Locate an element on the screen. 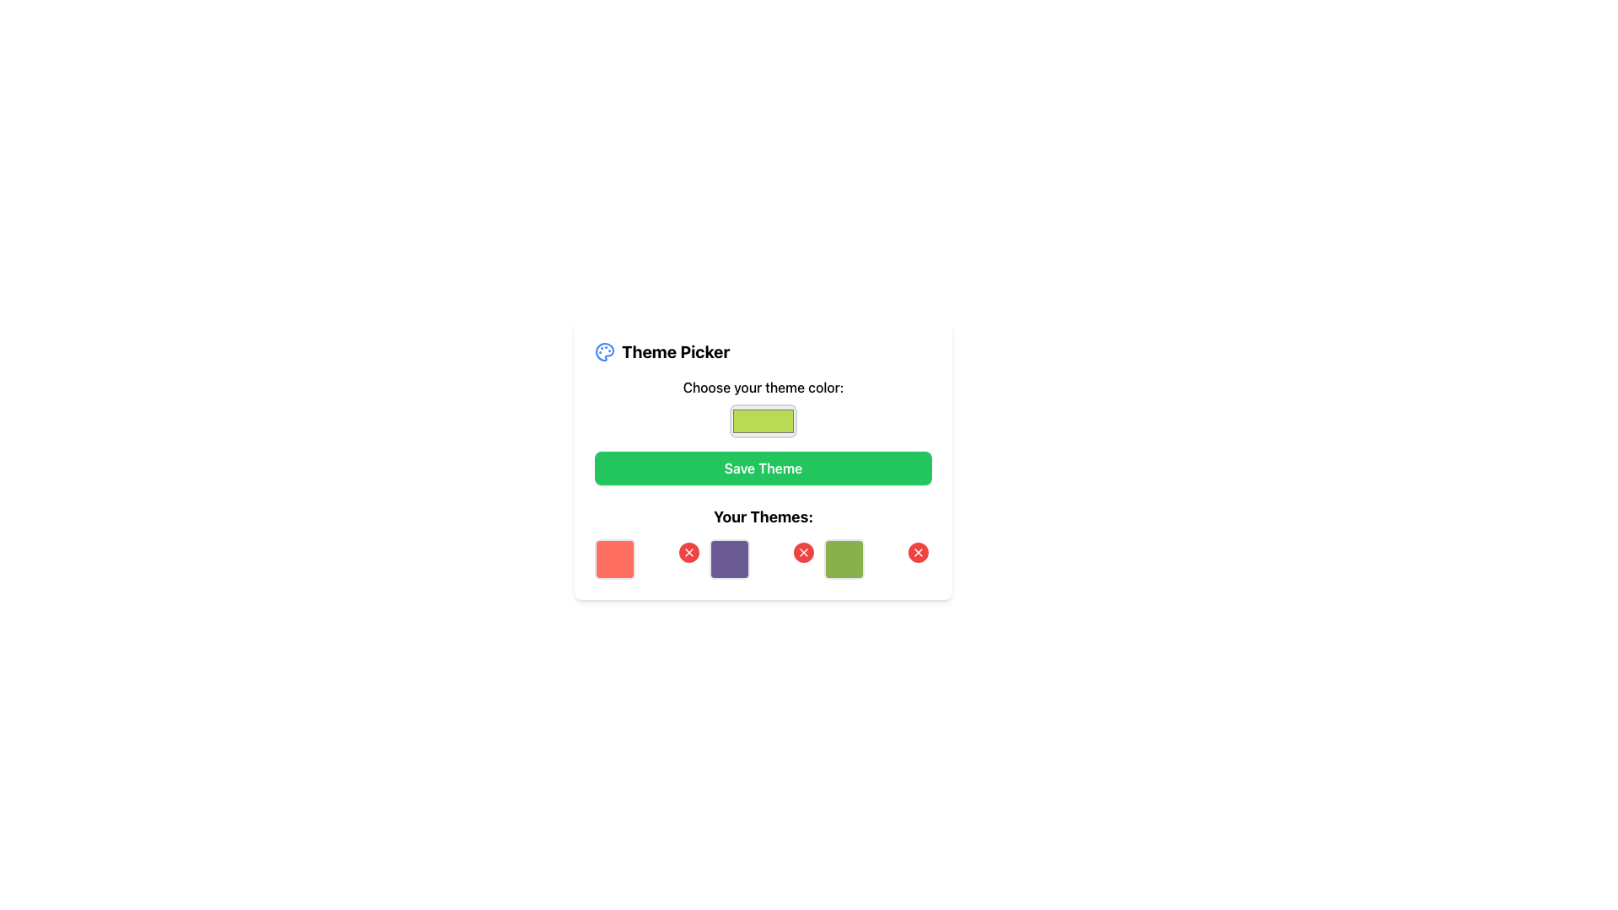 This screenshot has width=1618, height=910. the centrally aligned text label that introduces and describes the grid of themes displayed below it is located at coordinates (763, 516).